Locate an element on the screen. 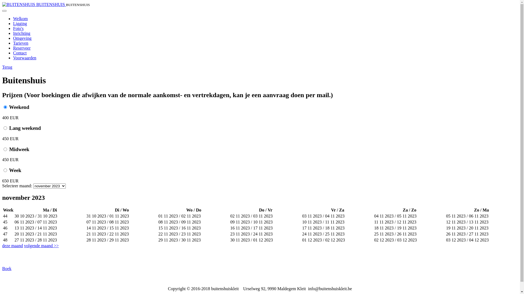 This screenshot has width=524, height=294. 'BUITENSHUIS' is located at coordinates (2, 4).